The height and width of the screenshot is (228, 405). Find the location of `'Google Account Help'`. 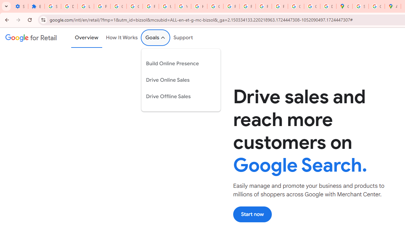

'Google Account Help' is located at coordinates (119, 6).